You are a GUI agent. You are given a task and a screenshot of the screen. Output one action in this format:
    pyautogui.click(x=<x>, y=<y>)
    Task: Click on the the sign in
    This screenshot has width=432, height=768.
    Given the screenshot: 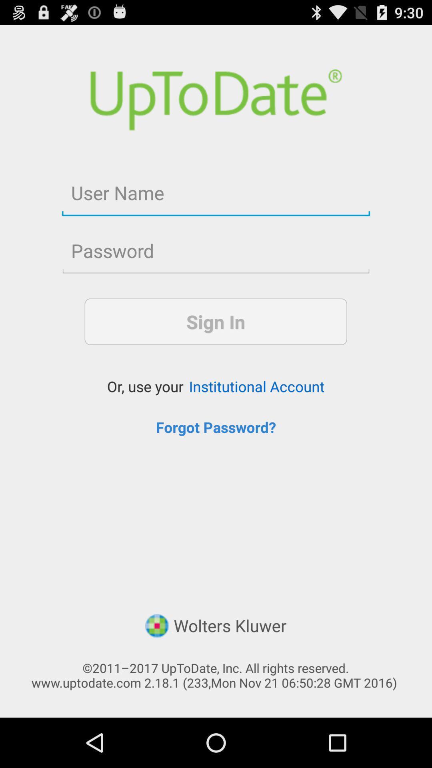 What is the action you would take?
    pyautogui.click(x=215, y=322)
    